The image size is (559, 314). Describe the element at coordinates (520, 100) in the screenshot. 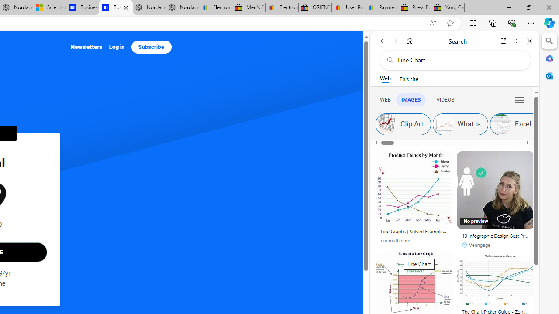

I see `'Class: b_serphb'` at that location.